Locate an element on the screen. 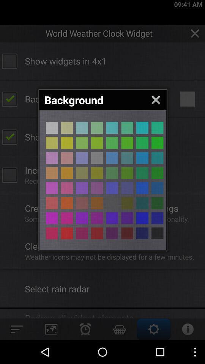 Image resolution: width=205 pixels, height=364 pixels. choose color is located at coordinates (82, 142).